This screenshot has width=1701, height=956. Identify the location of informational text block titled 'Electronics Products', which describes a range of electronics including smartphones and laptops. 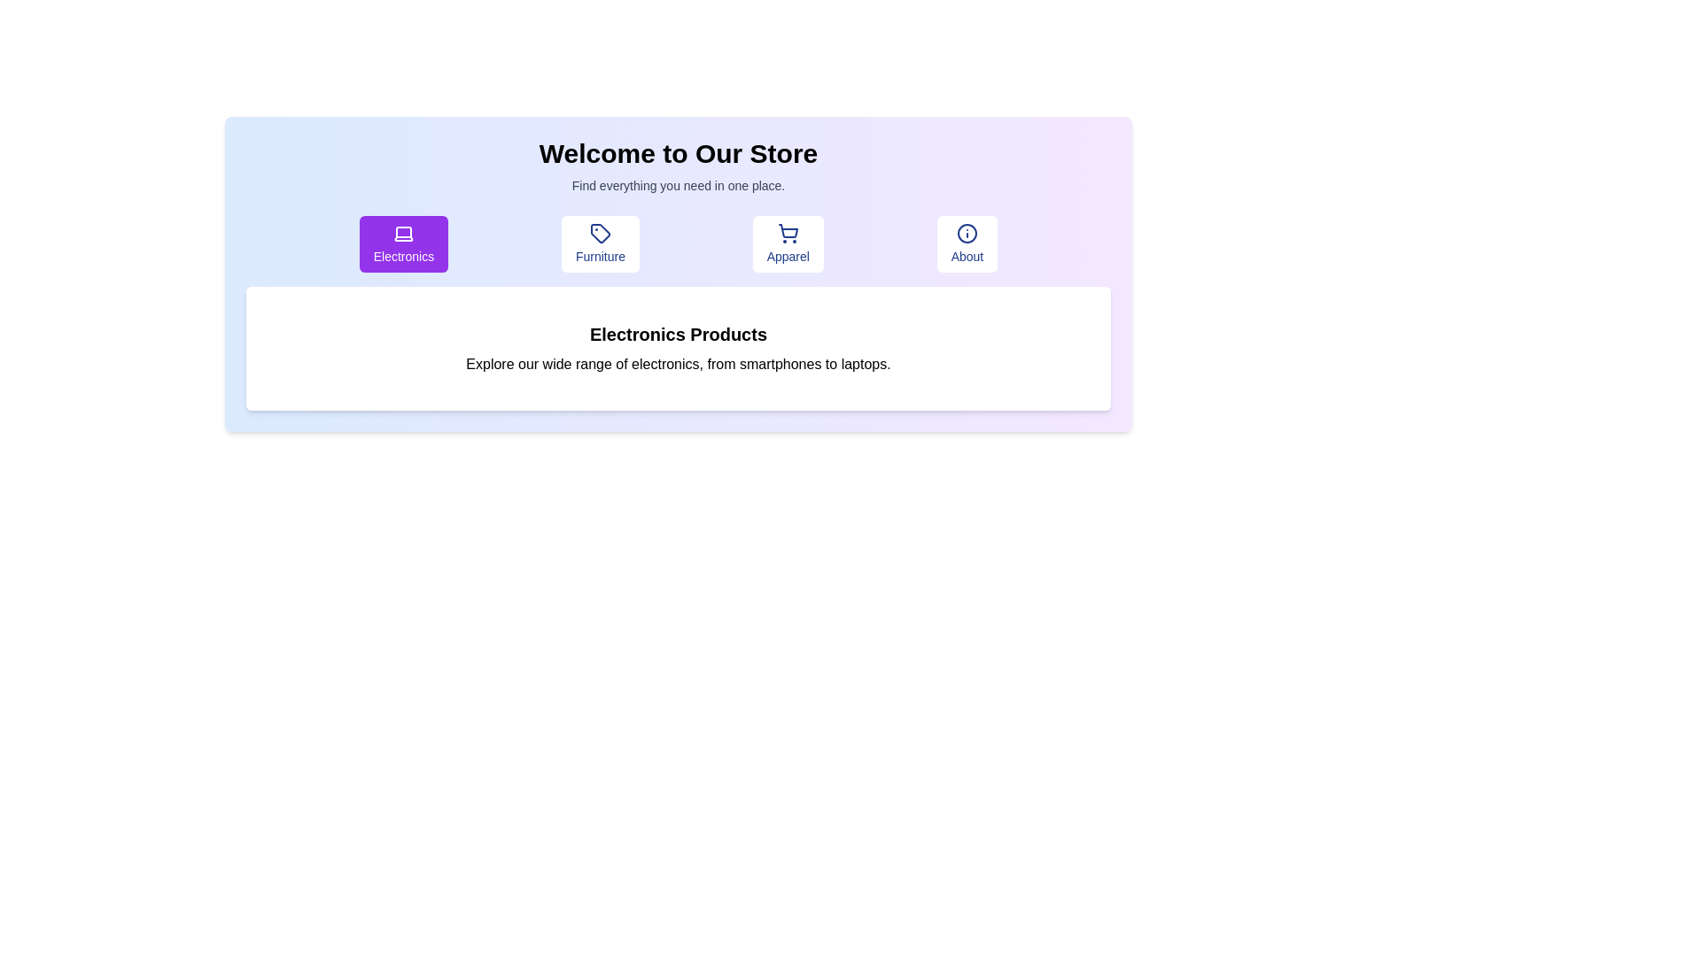
(678, 348).